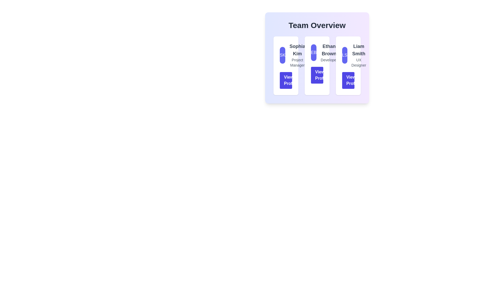  Describe the element at coordinates (329, 50) in the screenshot. I see `the text label displaying 'Ethan Brown' in bold, which is positioned above the 'Developer' label in the 'Team Overview' section of the card layout` at that location.